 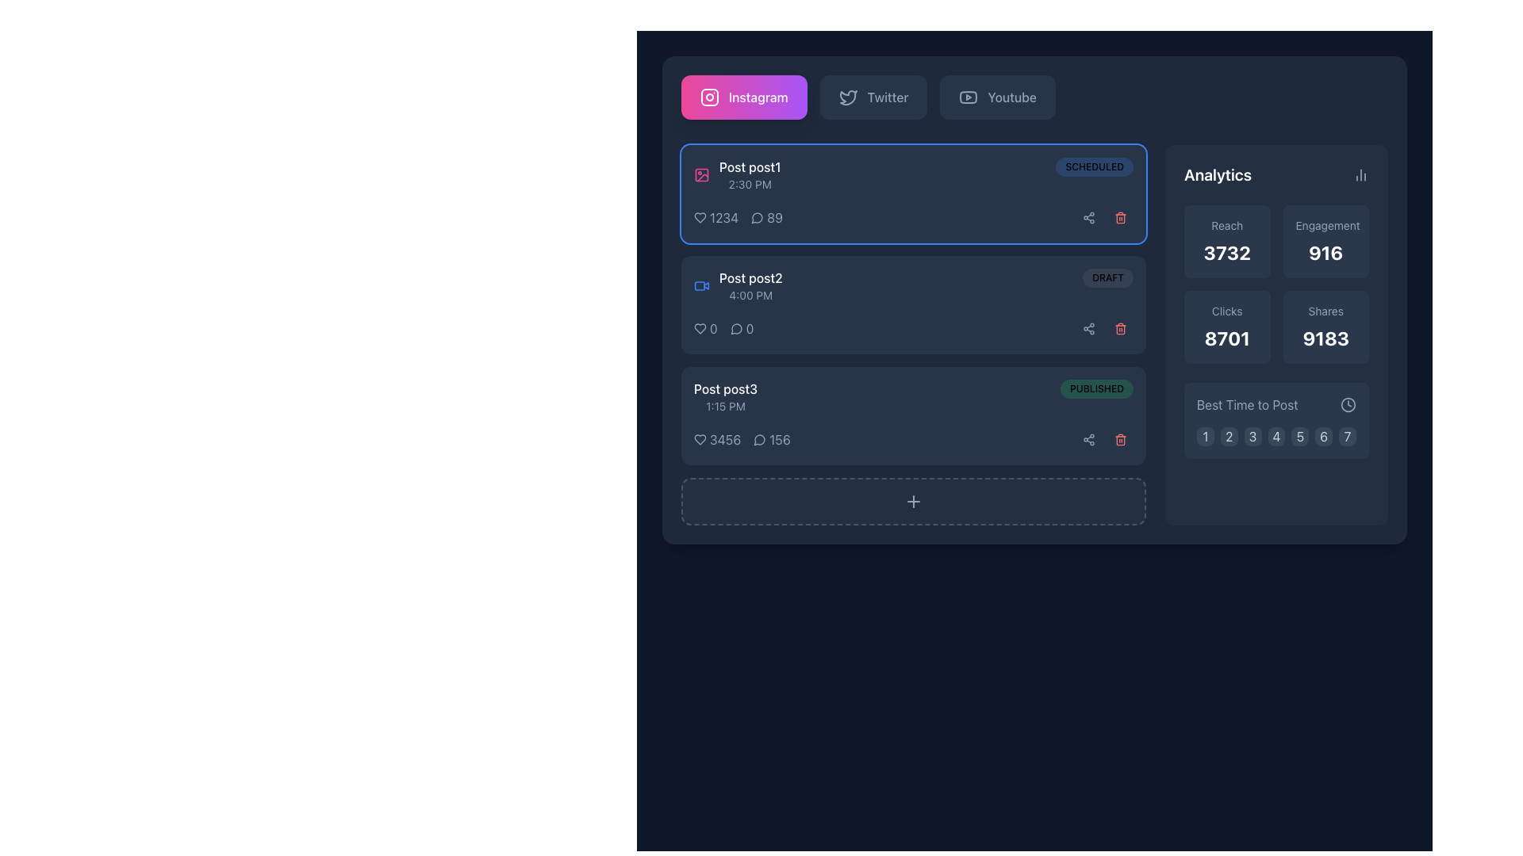 I want to click on the statistical data display showing engagement metrics for the post, which includes the 'likes' count next to a heart icon and the 'comments' count next to a chat bubble icon, located at the bottom-right of the 'Post post3' block, so click(x=741, y=440).